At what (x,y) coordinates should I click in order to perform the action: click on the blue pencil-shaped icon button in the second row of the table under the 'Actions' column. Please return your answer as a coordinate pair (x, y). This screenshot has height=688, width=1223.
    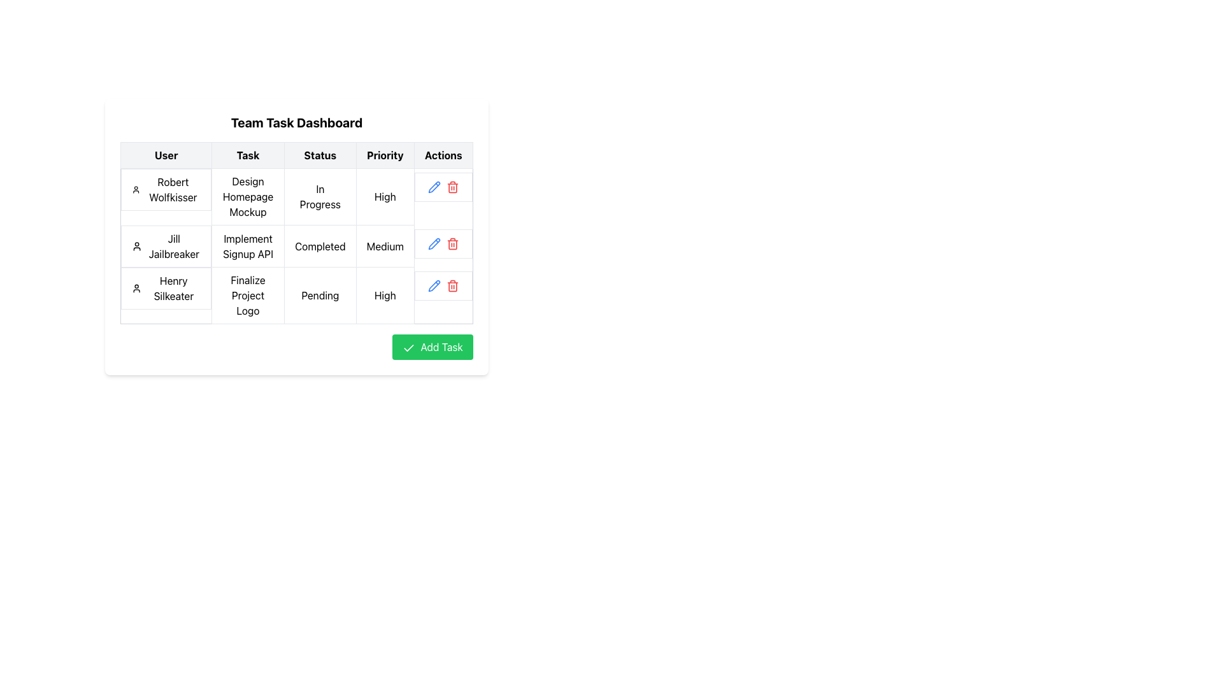
    Looking at the image, I should click on (434, 187).